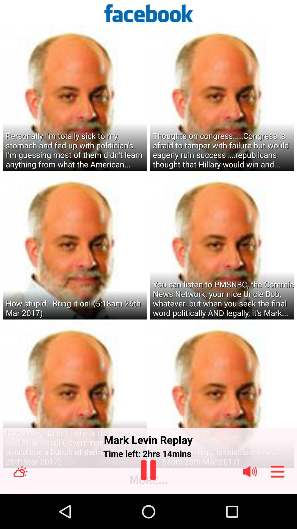 Image resolution: width=297 pixels, height=529 pixels. I want to click on the volume icon, so click(250, 505).